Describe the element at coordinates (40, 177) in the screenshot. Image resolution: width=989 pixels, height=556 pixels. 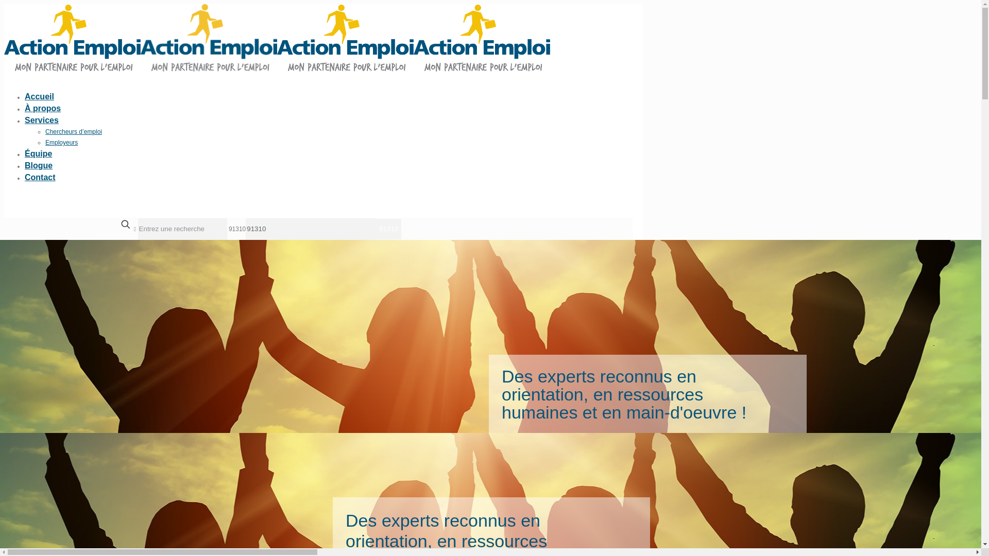
I see `'Contact'` at that location.